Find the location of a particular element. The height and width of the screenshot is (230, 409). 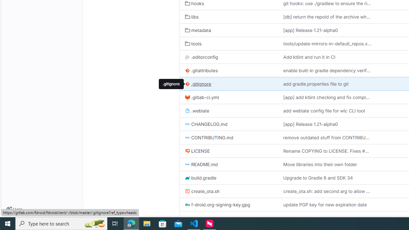

'CONTRIBUTING.md' is located at coordinates (229, 137).